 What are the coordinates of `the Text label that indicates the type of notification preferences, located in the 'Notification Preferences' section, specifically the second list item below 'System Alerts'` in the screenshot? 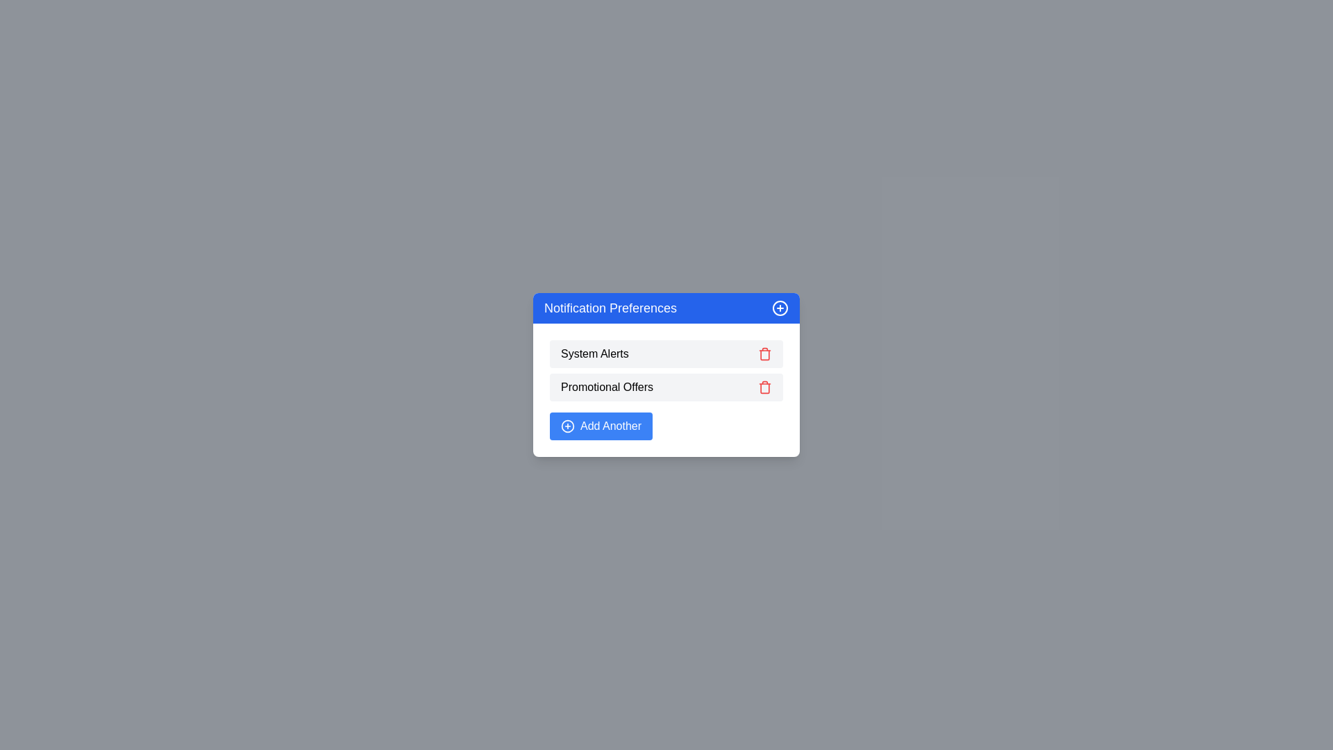 It's located at (607, 387).